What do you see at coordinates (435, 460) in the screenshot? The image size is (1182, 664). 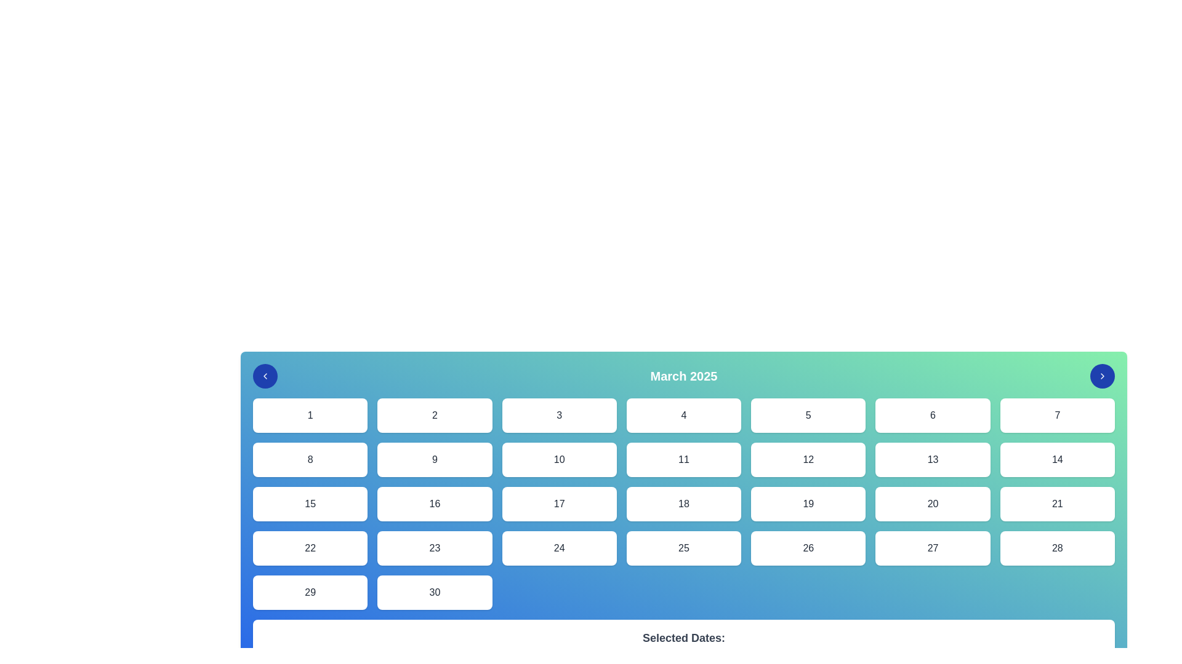 I see `the selectable calendar date button representing the day '9' in the March 2025 calendar` at bounding box center [435, 460].